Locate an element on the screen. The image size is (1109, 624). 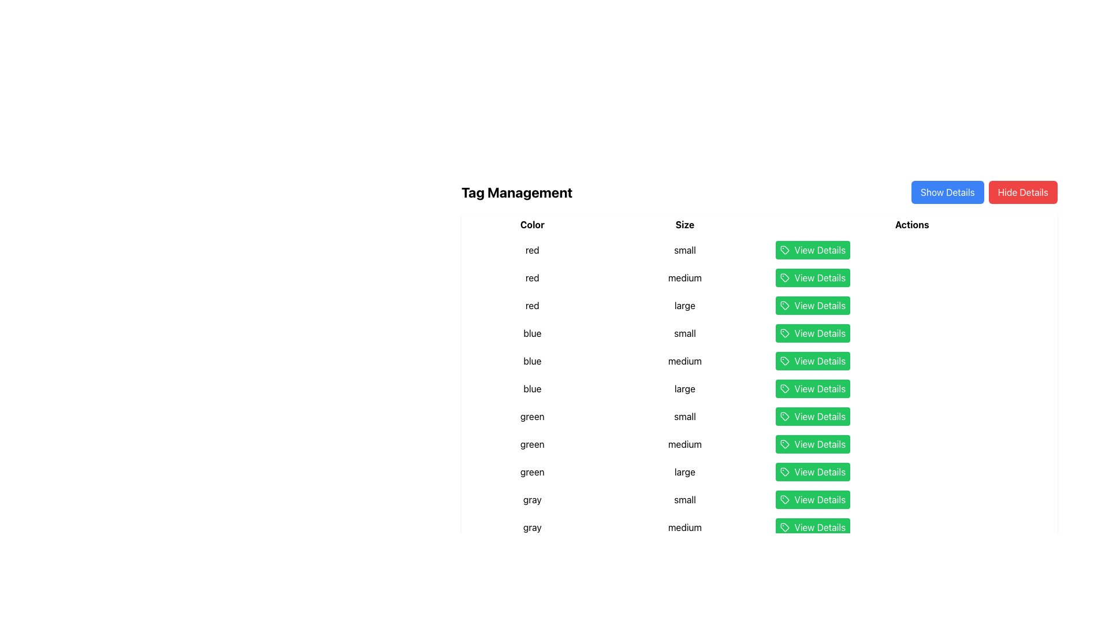
the icon that is the left part of the 'View Details' button in the 'Actions' column of the table, which is aligned to the left of the text label 'View Details' for a blue-colored item is located at coordinates (785, 304).